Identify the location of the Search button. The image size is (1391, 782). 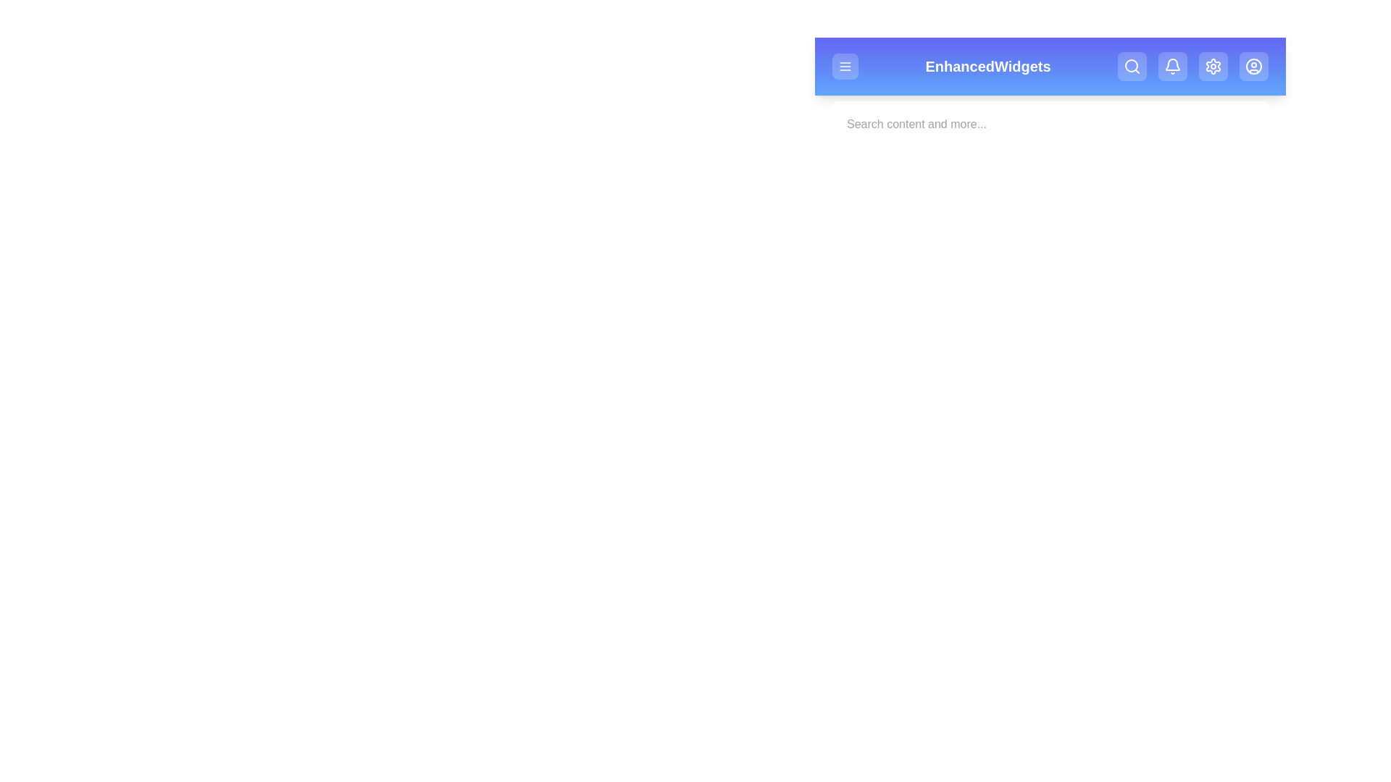
(1132, 67).